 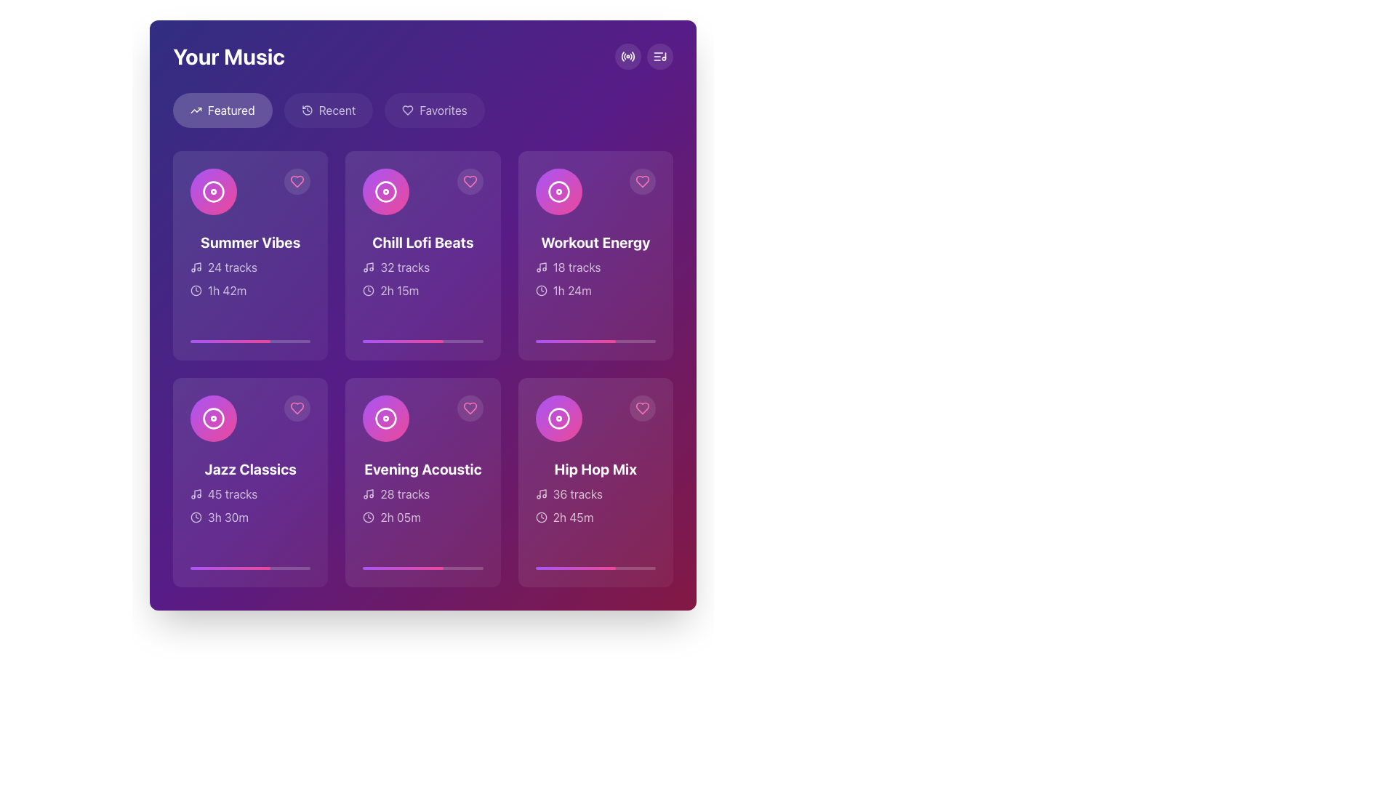 I want to click on the playlist track count, so click(x=250, y=493).